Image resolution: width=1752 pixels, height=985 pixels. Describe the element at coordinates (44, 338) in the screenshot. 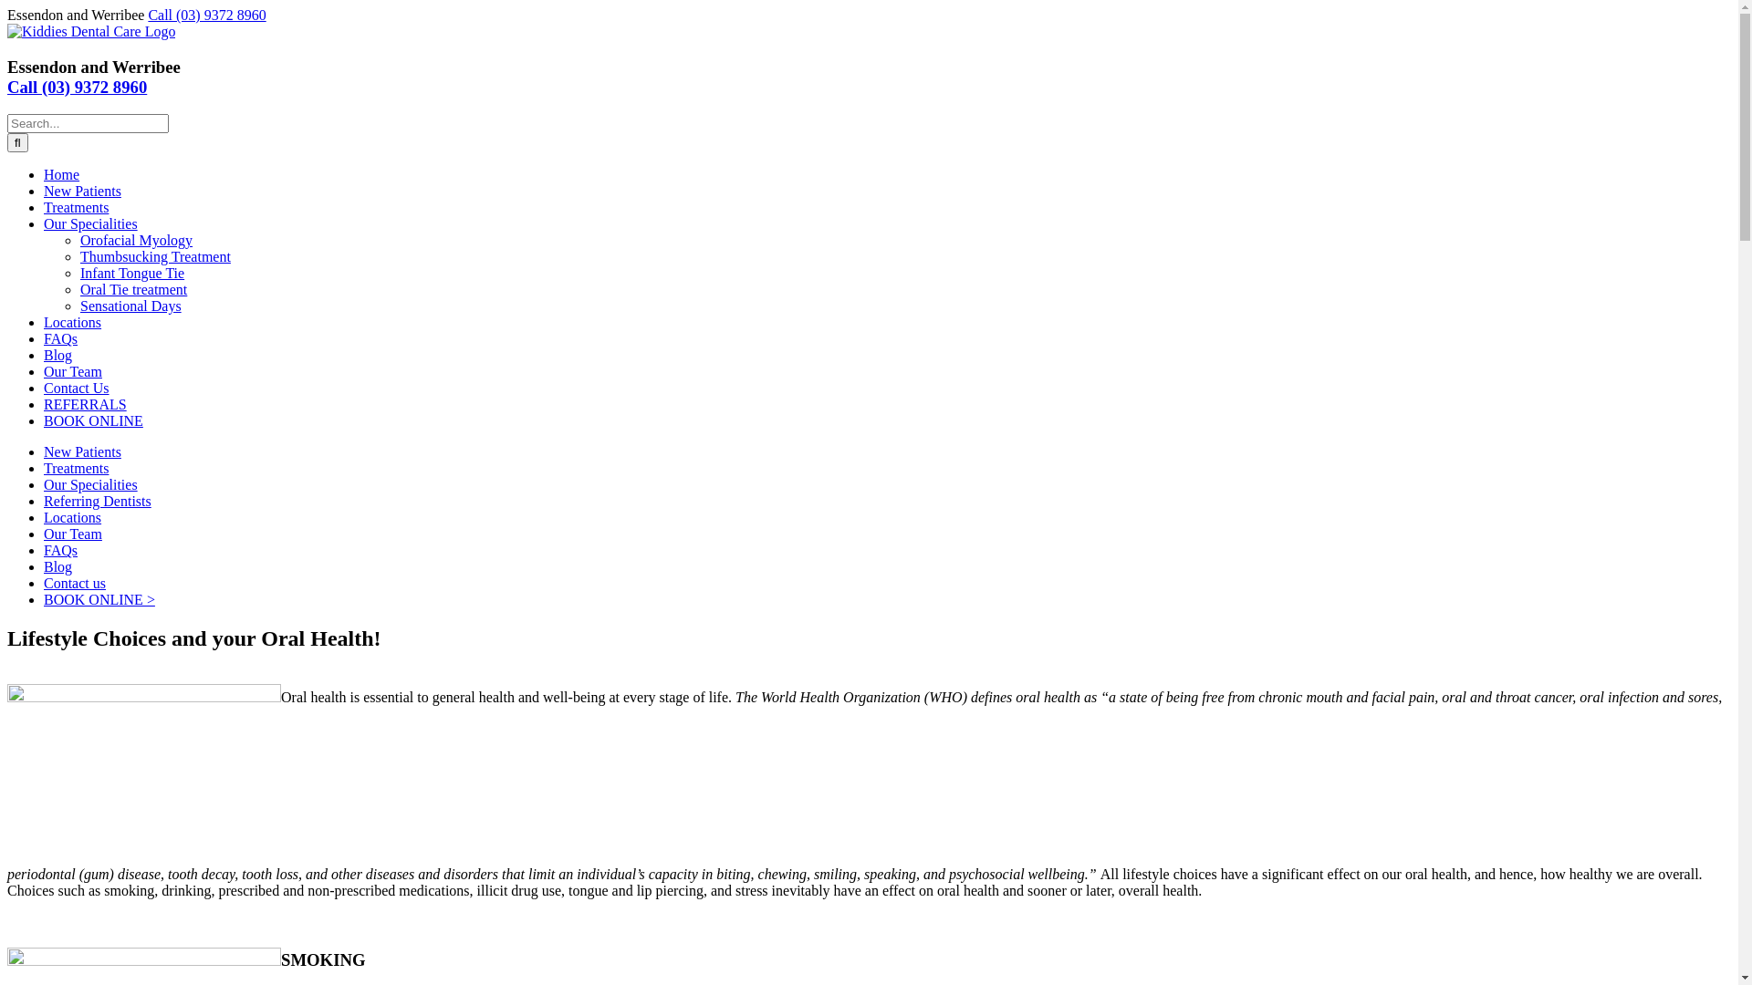

I see `'FAQs'` at that location.